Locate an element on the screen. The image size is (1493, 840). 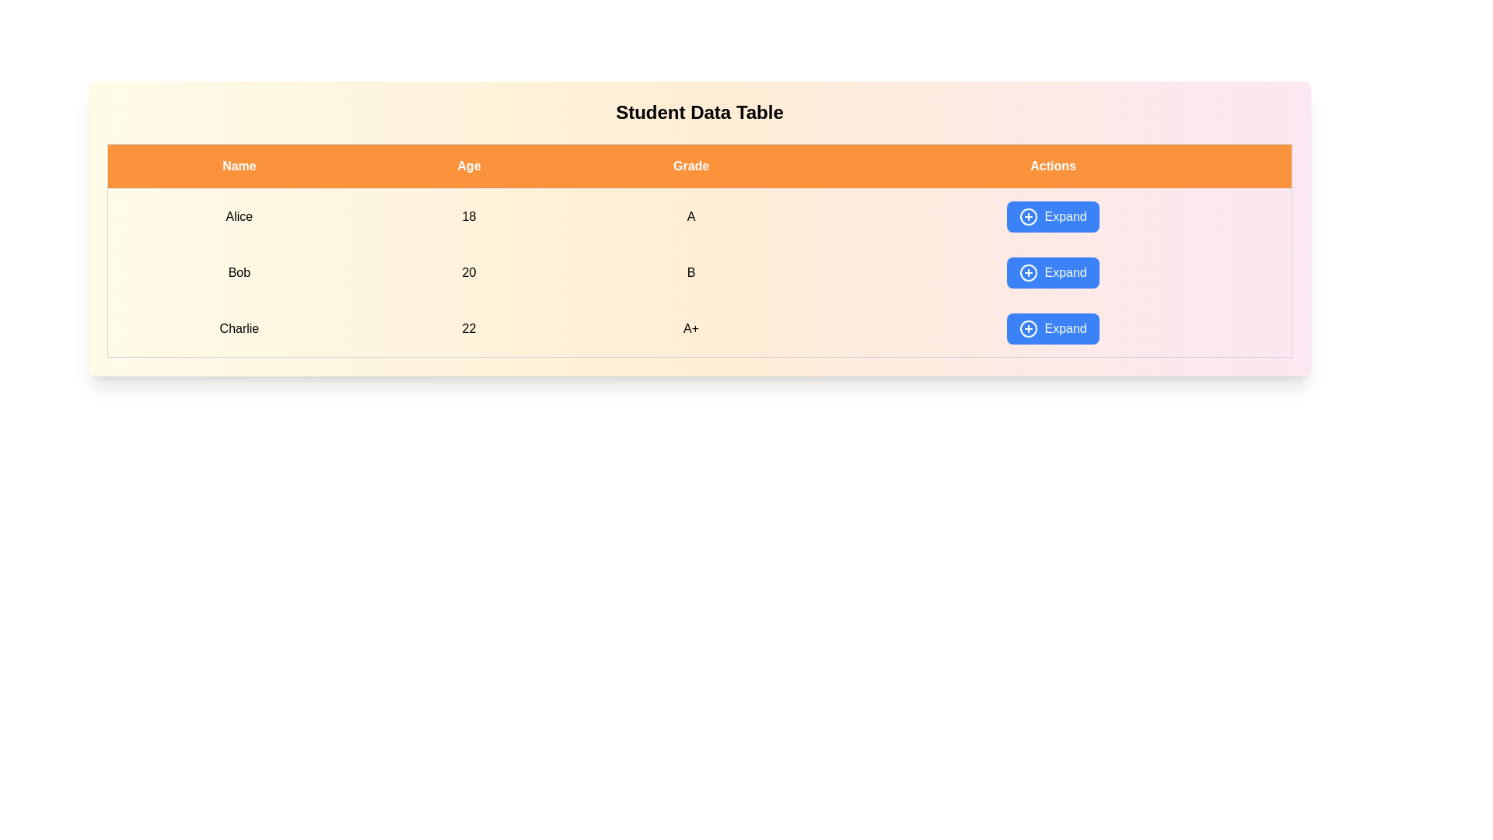
the circular '+' icon on the first 'Expand' button in the 'Actions' column of the data table is located at coordinates (1029, 216).